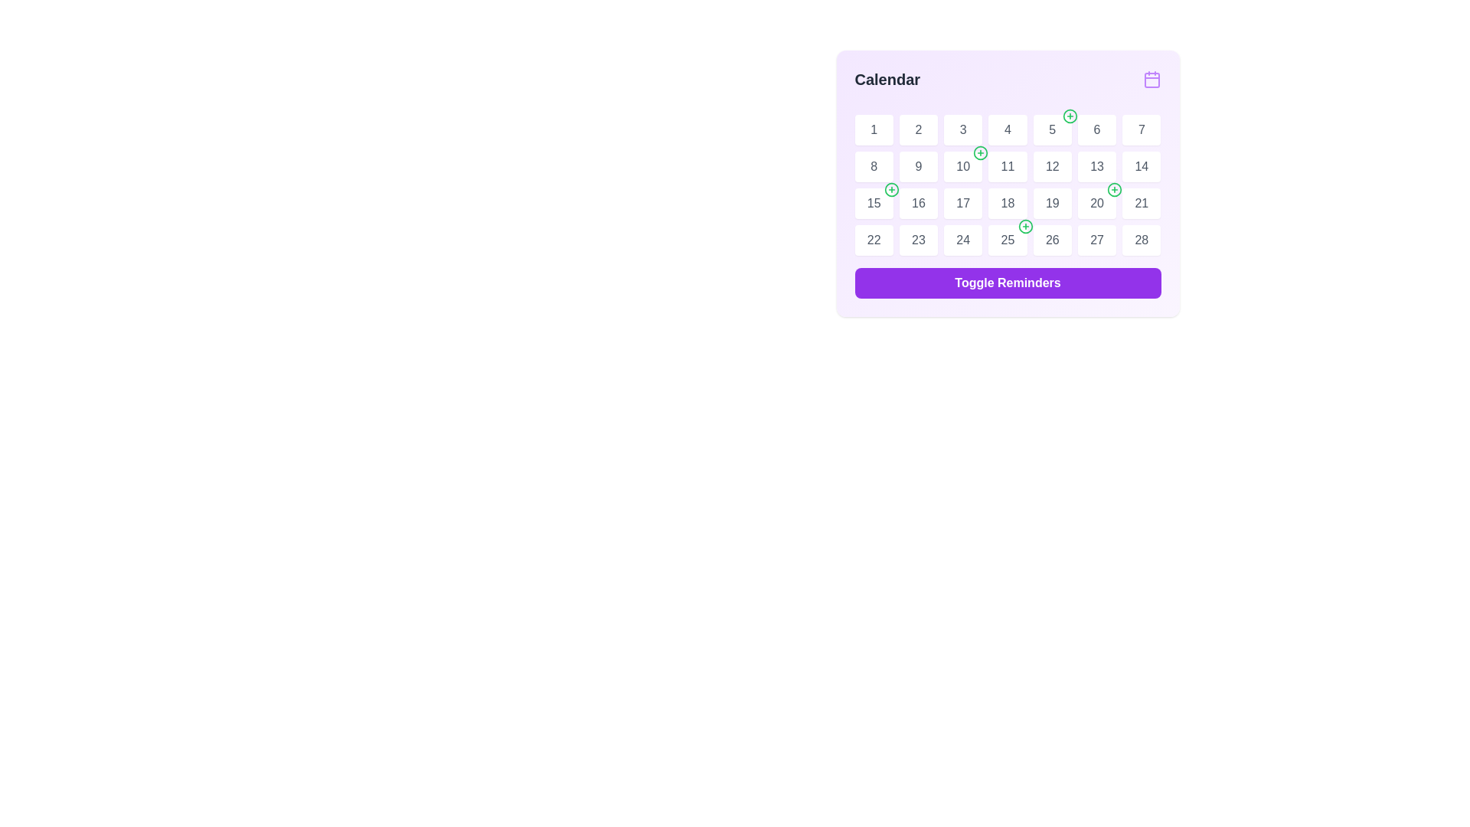 The height and width of the screenshot is (827, 1470). I want to click on the interactive icon with a plus sign located at the top-right corner of the calendar cell for the date '5', so click(1069, 115).